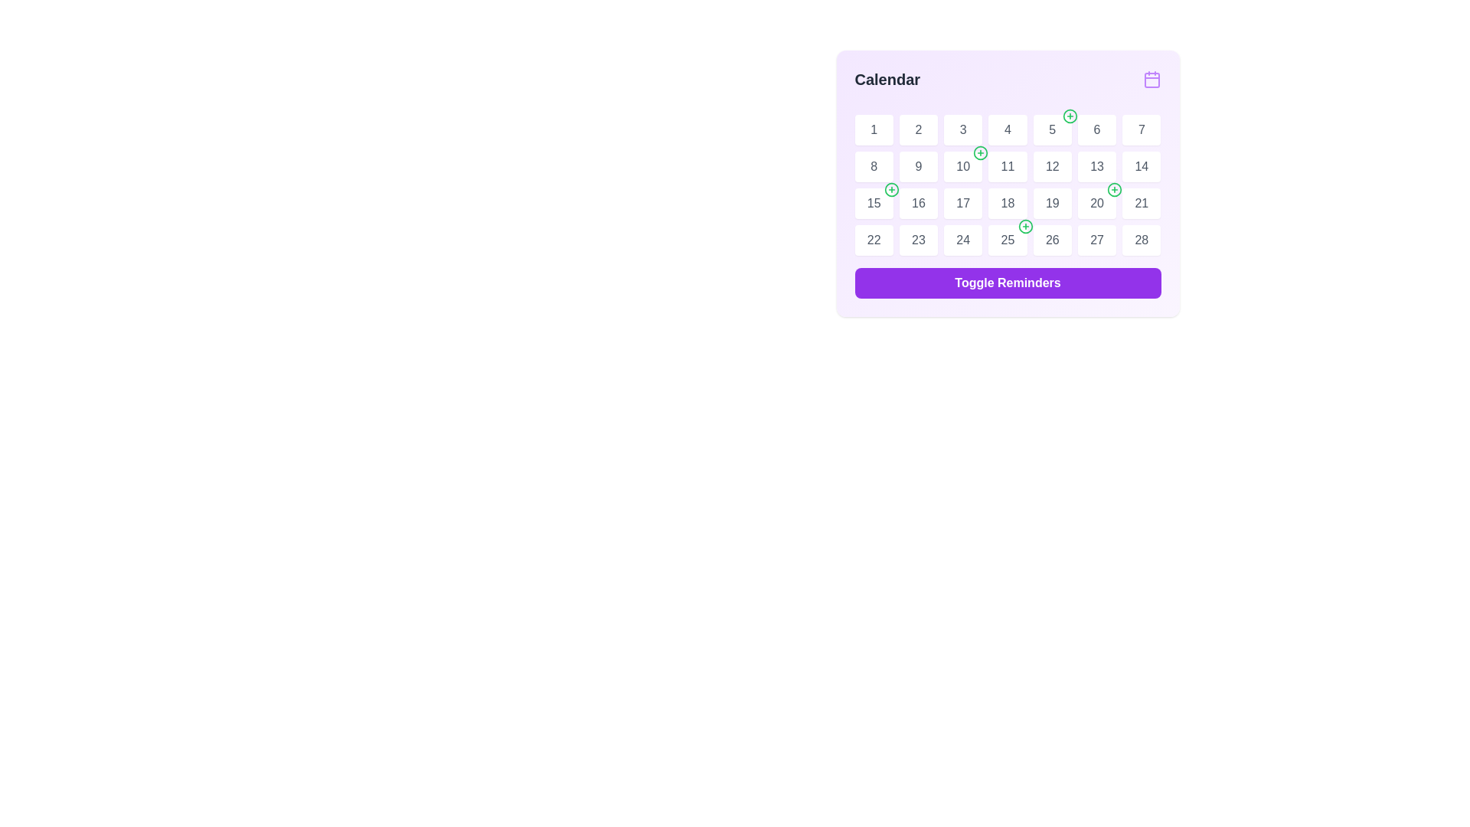 The height and width of the screenshot is (827, 1470). I want to click on the interactive icon with a plus sign located at the top-right corner of the calendar cell for the date '5', so click(1069, 115).